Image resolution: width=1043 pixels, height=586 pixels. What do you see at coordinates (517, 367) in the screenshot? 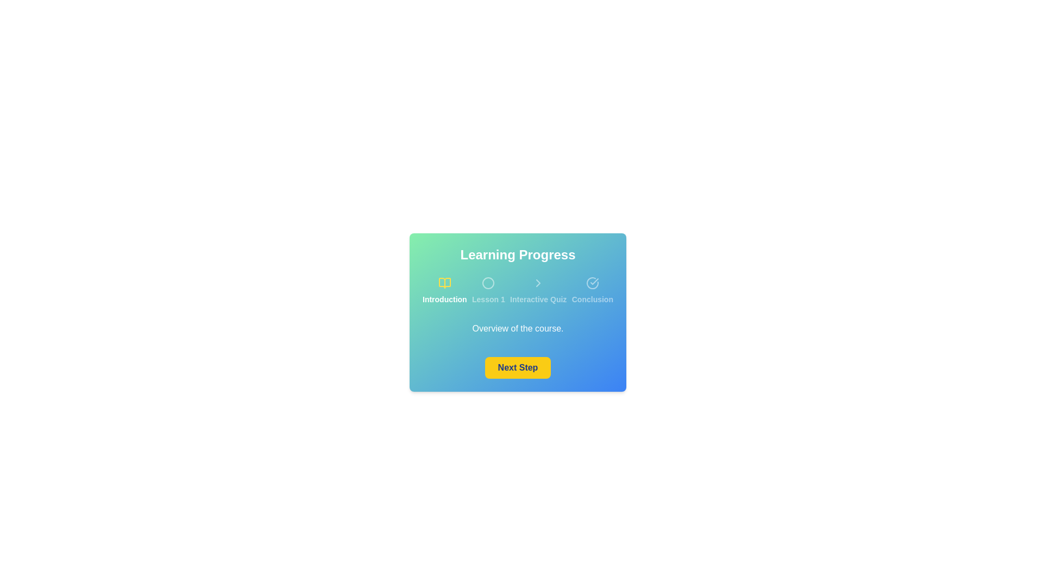
I see `the navigation button located centrally at the bottom of the blue background section labeled 'Learning Progress'` at bounding box center [517, 367].